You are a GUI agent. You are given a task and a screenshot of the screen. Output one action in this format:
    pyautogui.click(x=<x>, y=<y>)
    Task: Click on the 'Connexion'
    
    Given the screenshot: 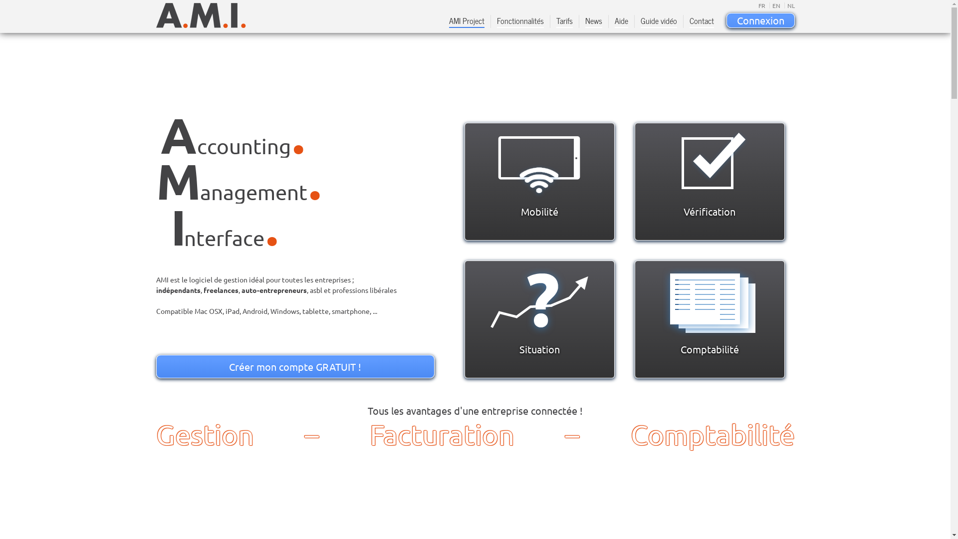 What is the action you would take?
    pyautogui.click(x=760, y=20)
    